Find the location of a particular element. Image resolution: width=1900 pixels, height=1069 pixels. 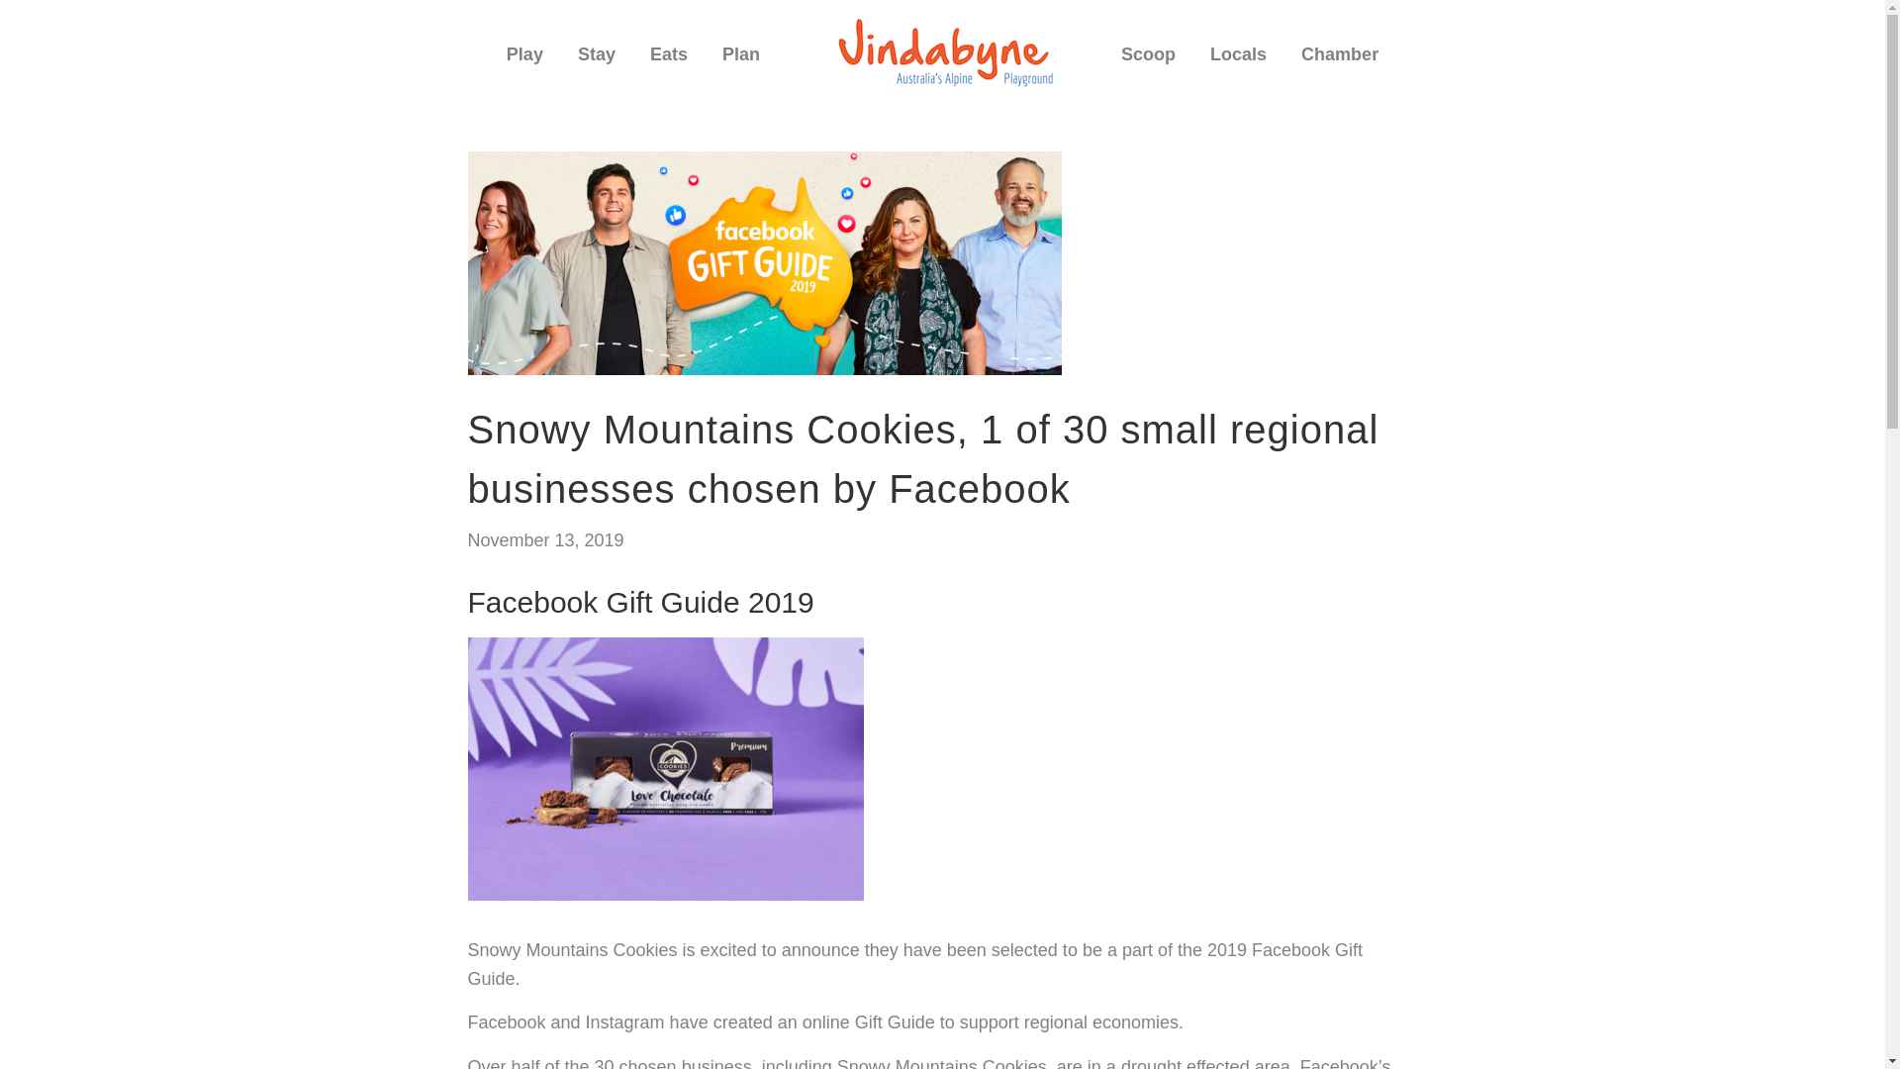

'Play' is located at coordinates (524, 61).